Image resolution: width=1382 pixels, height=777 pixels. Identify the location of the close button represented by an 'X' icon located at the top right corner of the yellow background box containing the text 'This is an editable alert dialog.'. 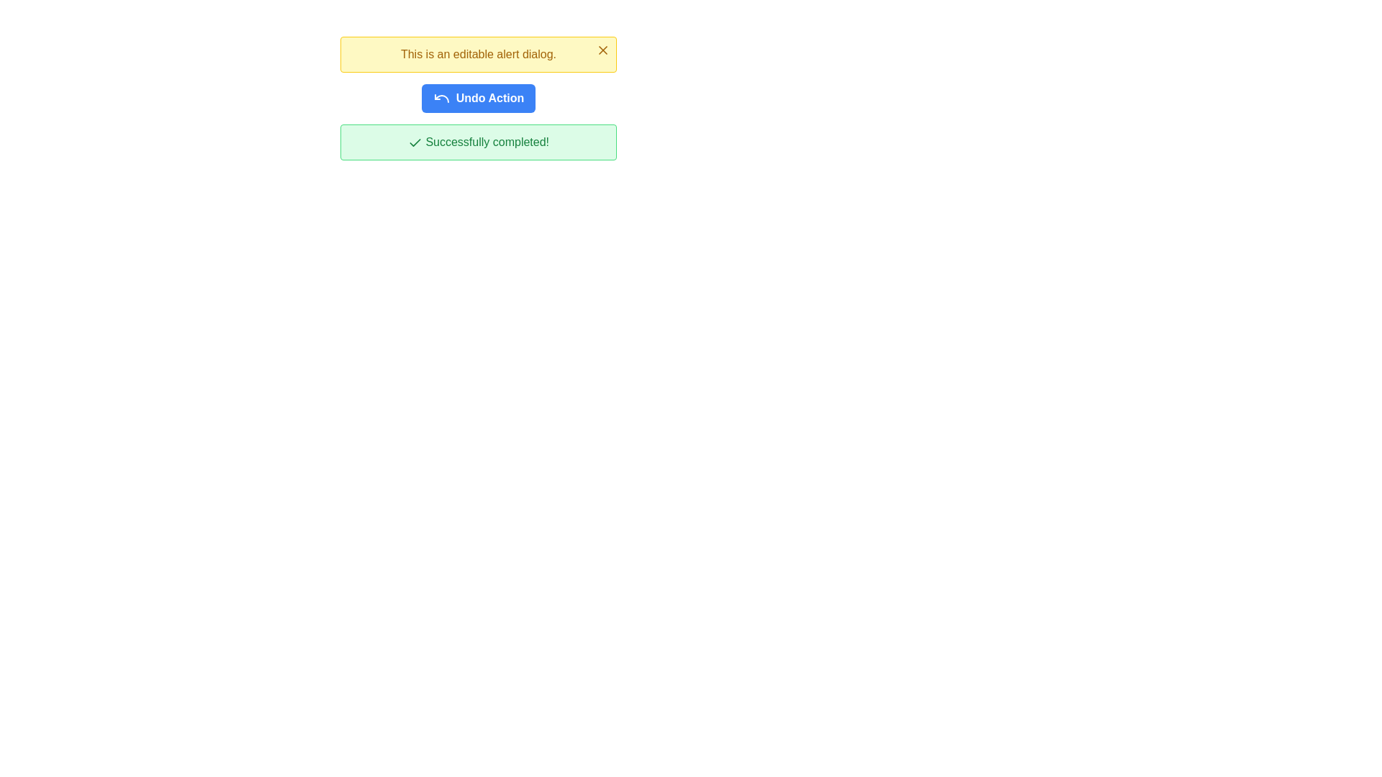
(603, 49).